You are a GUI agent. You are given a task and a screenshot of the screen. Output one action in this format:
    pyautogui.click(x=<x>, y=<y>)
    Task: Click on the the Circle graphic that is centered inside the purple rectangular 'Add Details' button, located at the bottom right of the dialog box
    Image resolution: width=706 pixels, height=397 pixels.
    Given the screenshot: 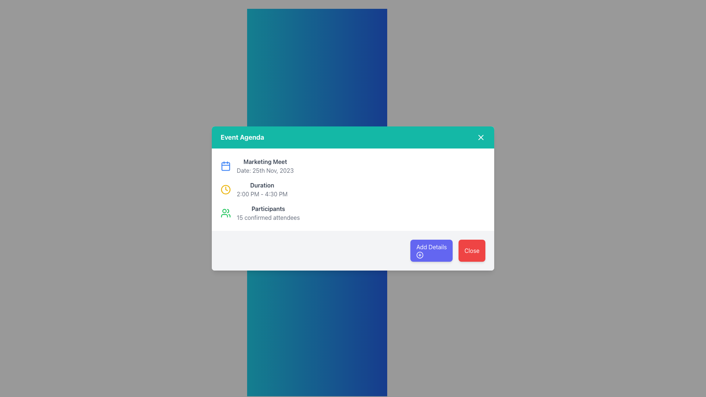 What is the action you would take?
    pyautogui.click(x=420, y=255)
    